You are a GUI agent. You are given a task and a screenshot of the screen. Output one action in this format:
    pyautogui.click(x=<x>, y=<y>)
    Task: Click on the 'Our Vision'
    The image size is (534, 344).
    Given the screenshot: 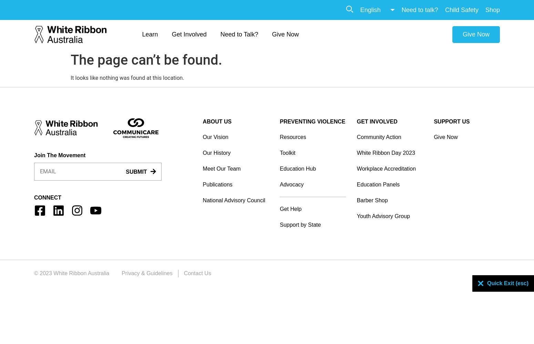 What is the action you would take?
    pyautogui.click(x=215, y=137)
    